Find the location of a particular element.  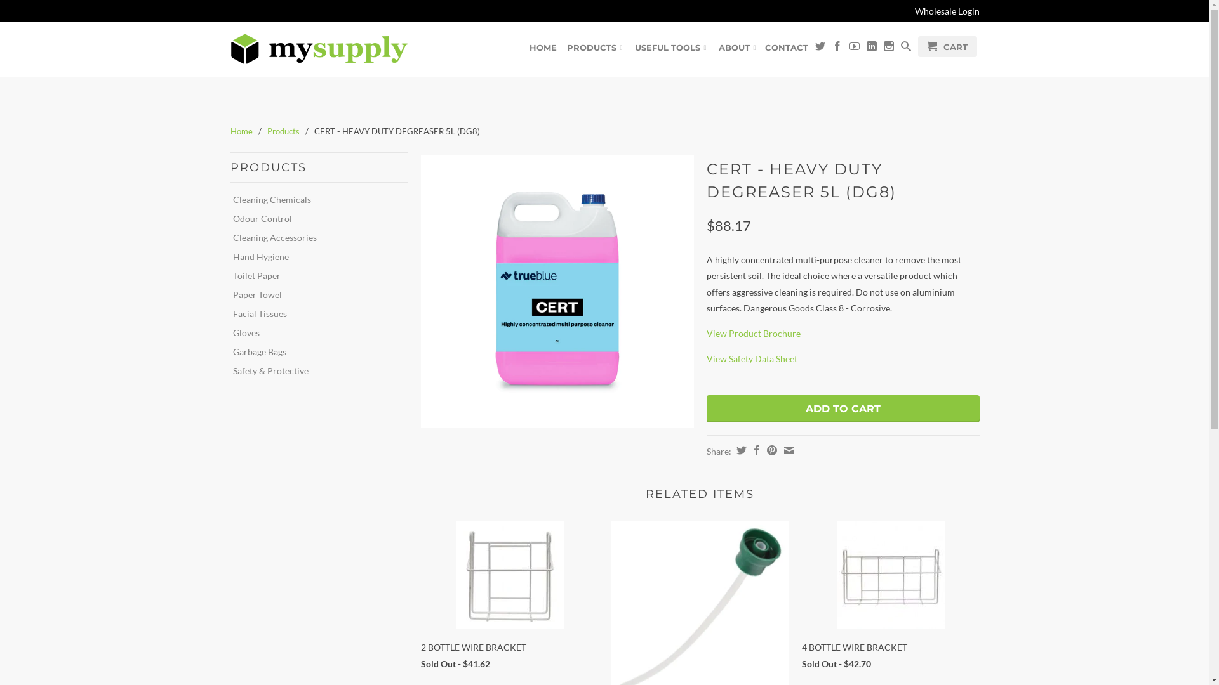

'Products' is located at coordinates (282, 131).